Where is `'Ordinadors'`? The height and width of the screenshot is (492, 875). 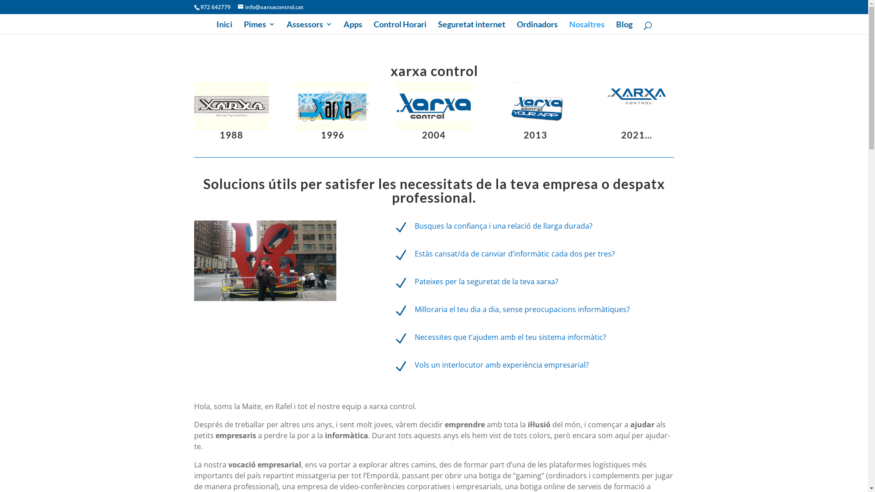
'Ordinadors' is located at coordinates (537, 27).